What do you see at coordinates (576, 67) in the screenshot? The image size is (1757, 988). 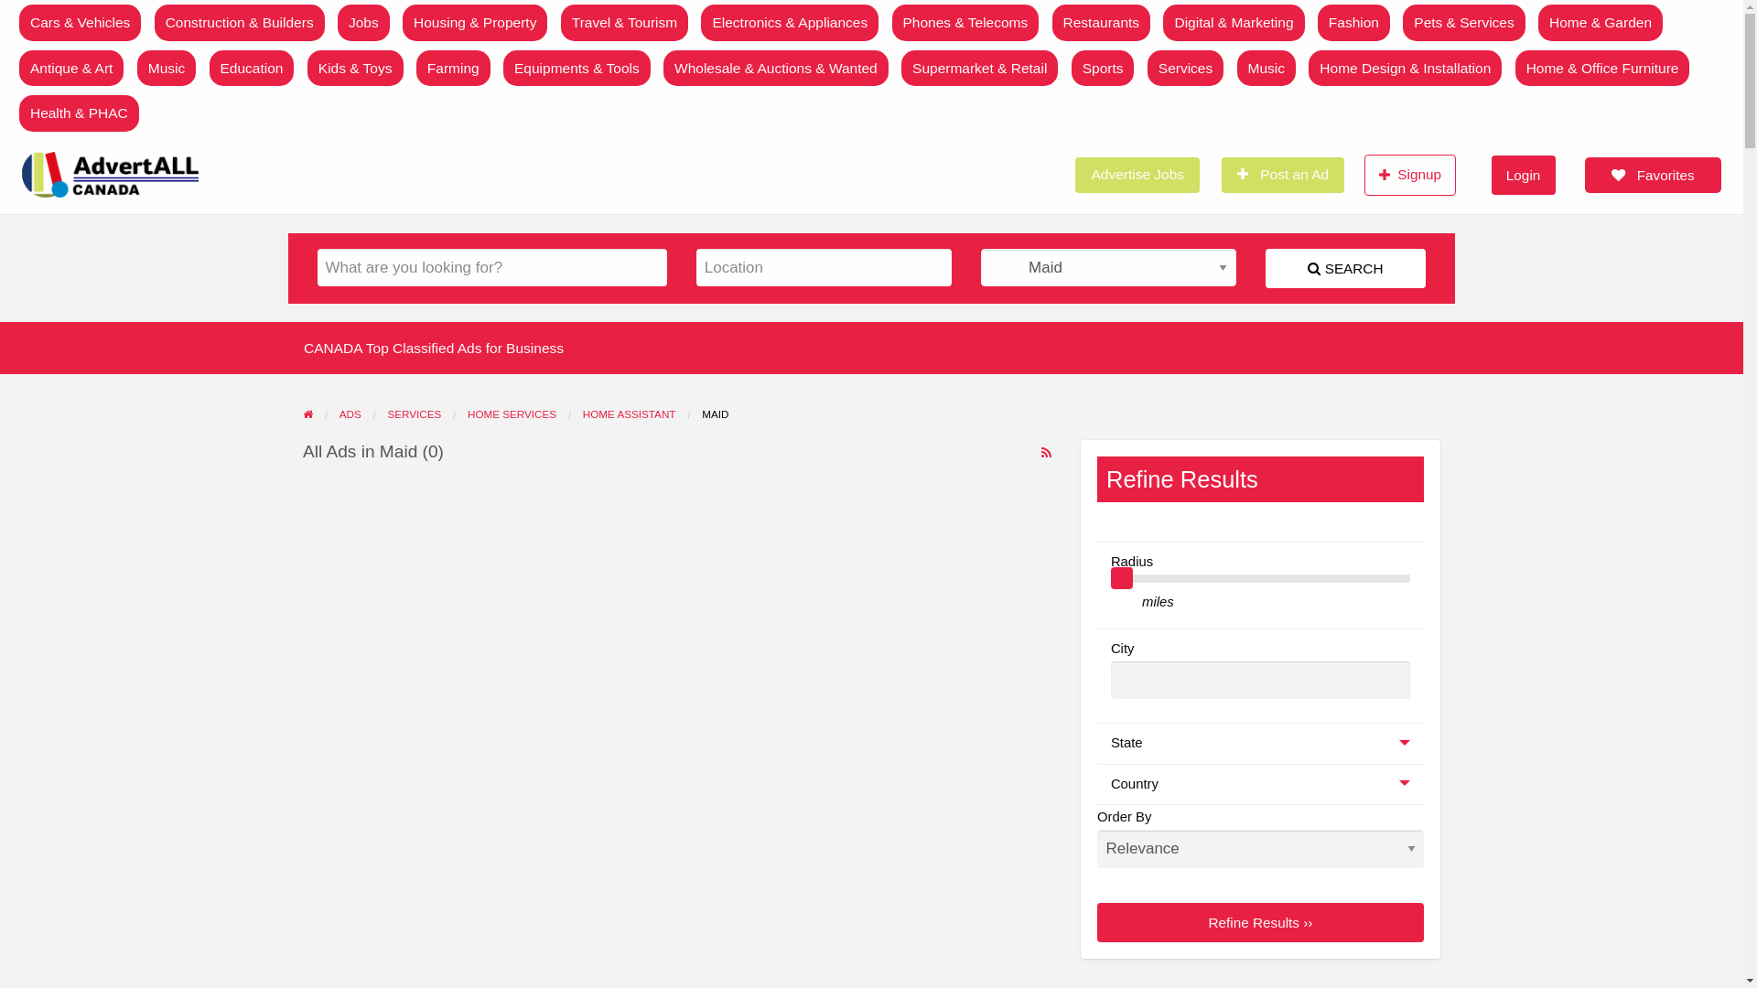 I see `'Equipments & Tools'` at bounding box center [576, 67].